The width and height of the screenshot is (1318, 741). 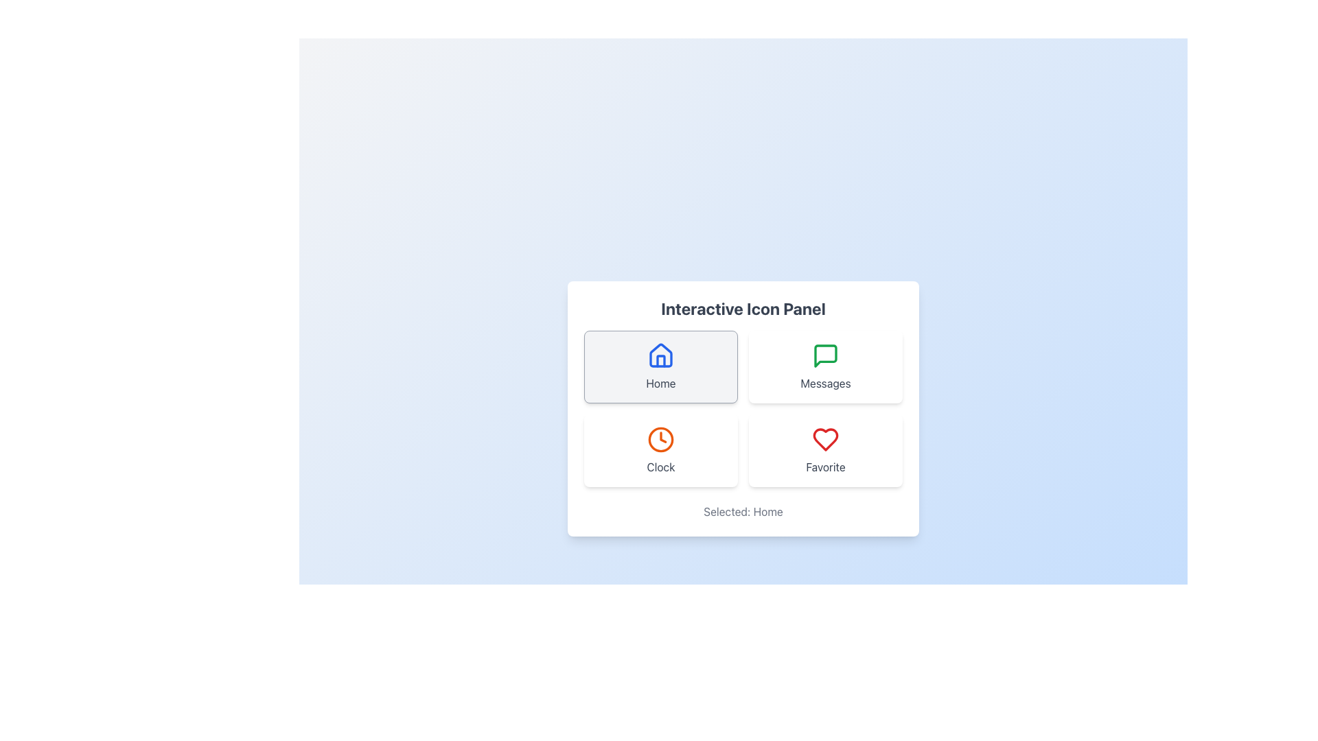 What do you see at coordinates (825, 439) in the screenshot?
I see `the 'Favorite' icon located in the bottom-right corner of the interactive panel` at bounding box center [825, 439].